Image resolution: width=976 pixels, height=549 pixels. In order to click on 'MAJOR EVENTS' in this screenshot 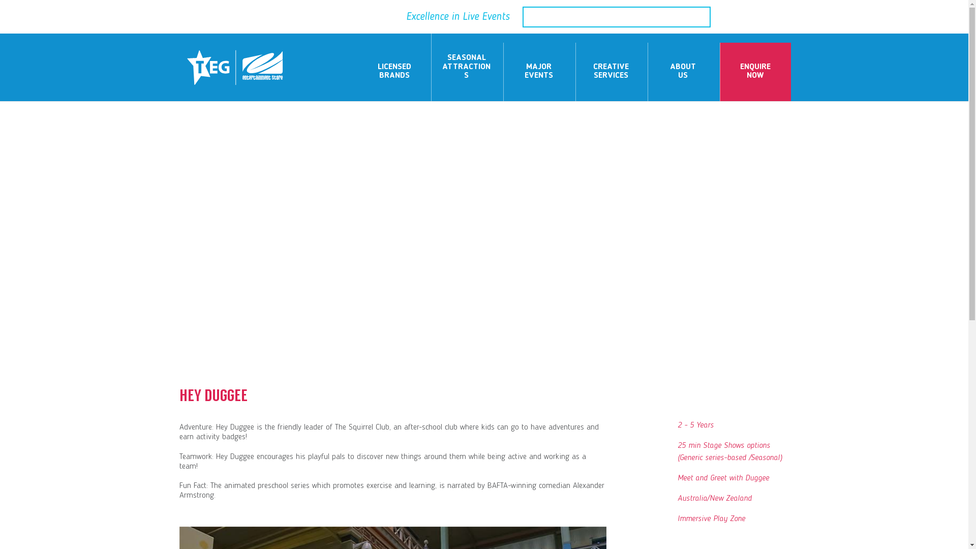, I will do `click(538, 71)`.